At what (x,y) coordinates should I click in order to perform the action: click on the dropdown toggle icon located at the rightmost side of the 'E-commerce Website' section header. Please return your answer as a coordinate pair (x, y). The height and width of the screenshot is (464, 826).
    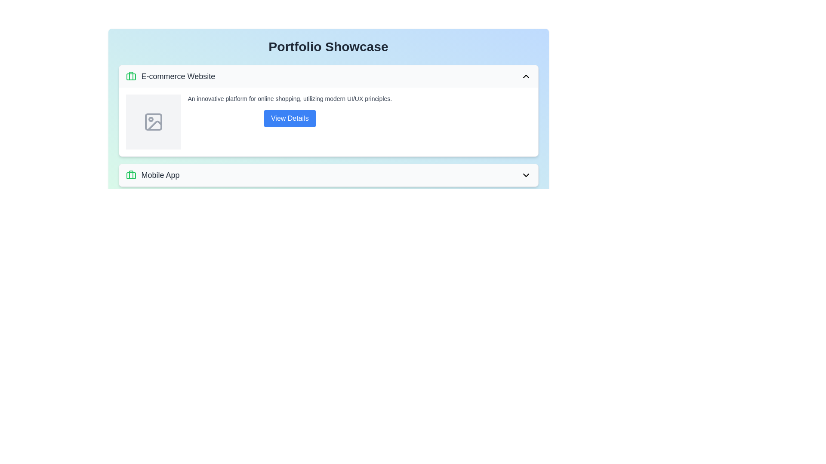
    Looking at the image, I should click on (525, 76).